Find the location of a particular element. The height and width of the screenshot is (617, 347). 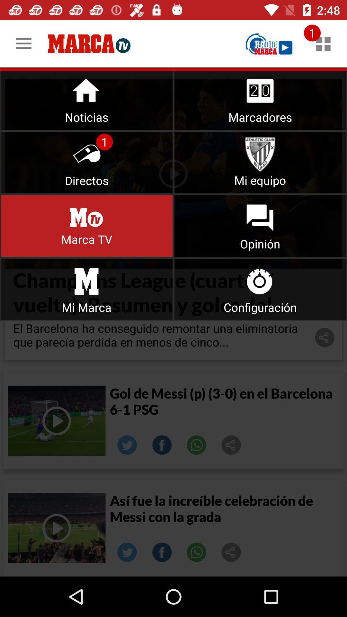

choose opinion option is located at coordinates (260, 226).